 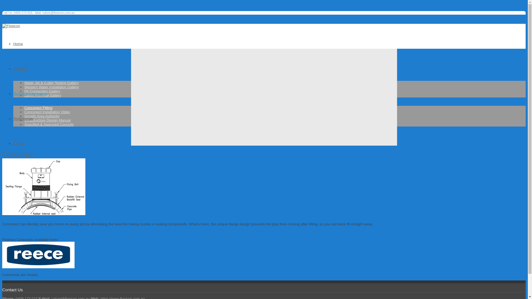 I want to click on 'Storm Pro Pipe Gallery', so click(x=42, y=95).